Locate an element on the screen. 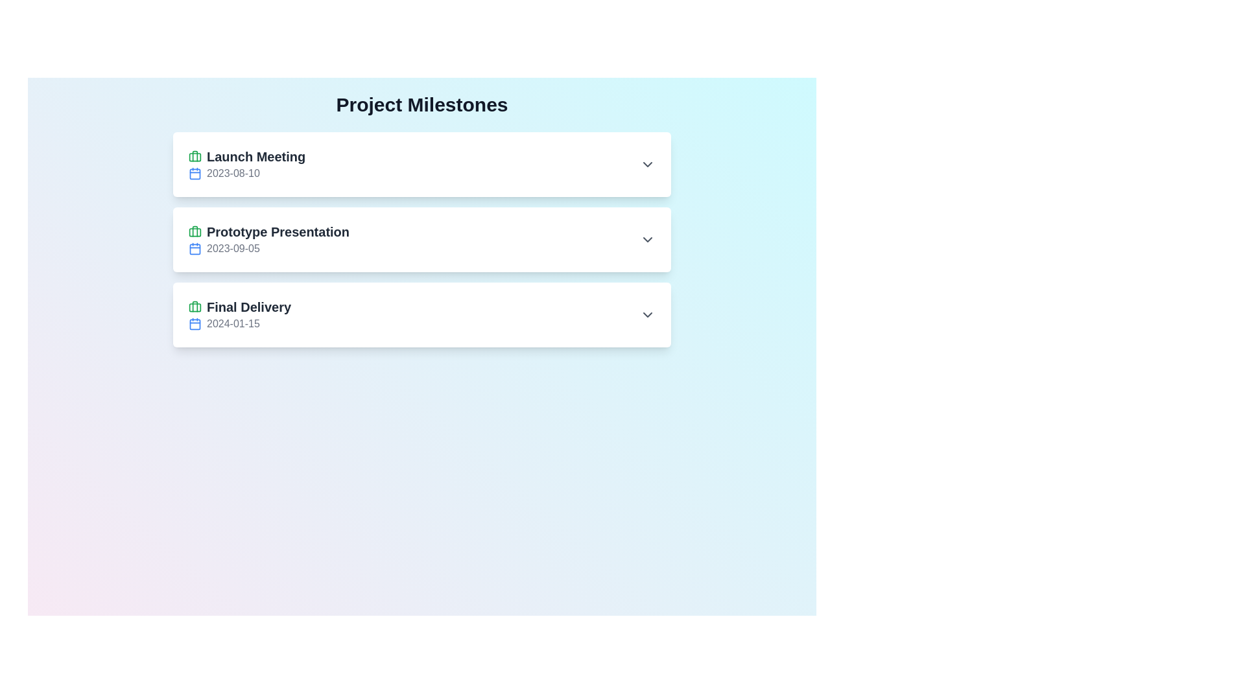 The image size is (1245, 700). the rounded rectangle element styled with no visible fill and a rounded border, which is part of the 'briefcase' icon located to the left of the 'Prototype Presentation' text is located at coordinates (195, 156).